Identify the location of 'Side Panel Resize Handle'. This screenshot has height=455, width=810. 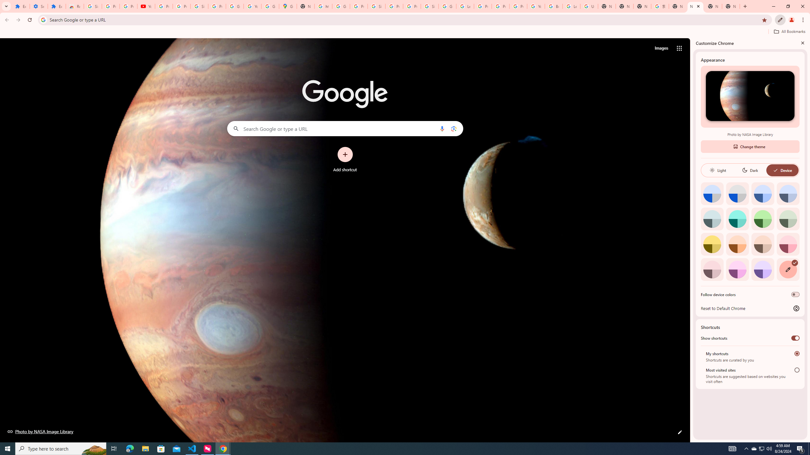
(691, 240).